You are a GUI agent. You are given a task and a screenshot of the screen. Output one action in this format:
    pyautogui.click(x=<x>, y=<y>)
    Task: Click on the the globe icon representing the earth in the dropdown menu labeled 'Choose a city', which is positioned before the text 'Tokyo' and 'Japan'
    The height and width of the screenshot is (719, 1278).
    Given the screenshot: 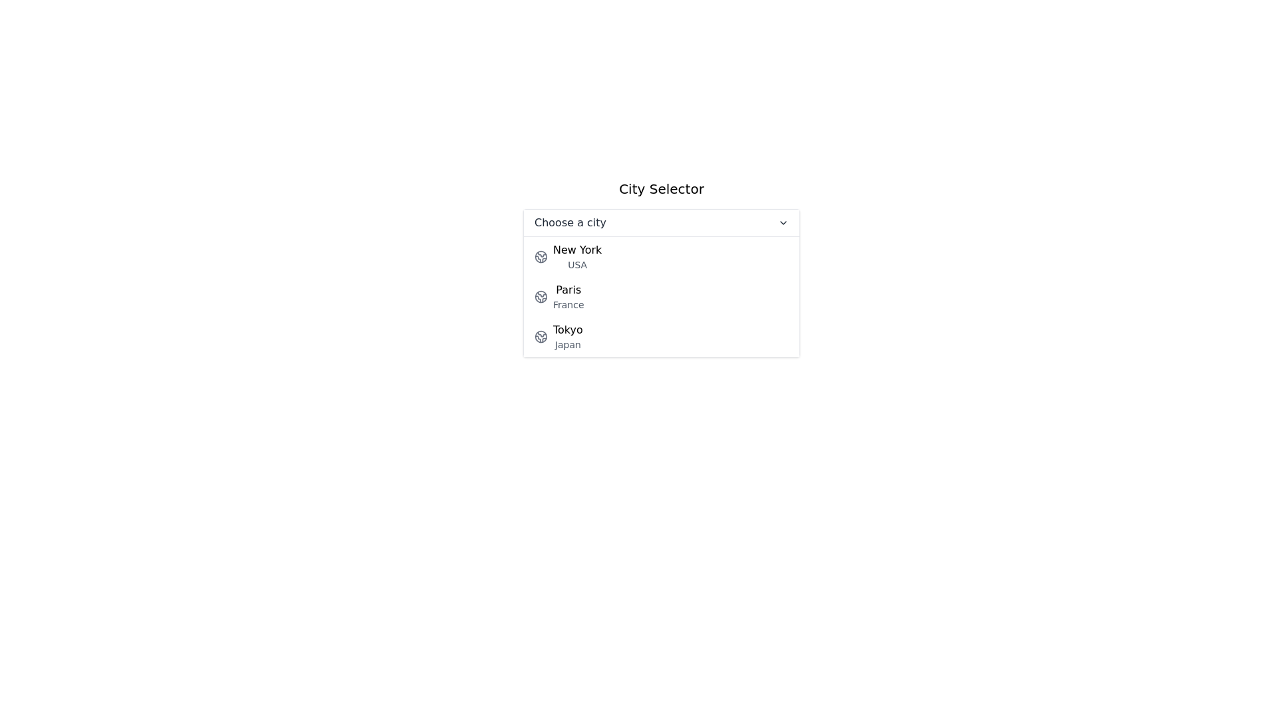 What is the action you would take?
    pyautogui.click(x=540, y=336)
    